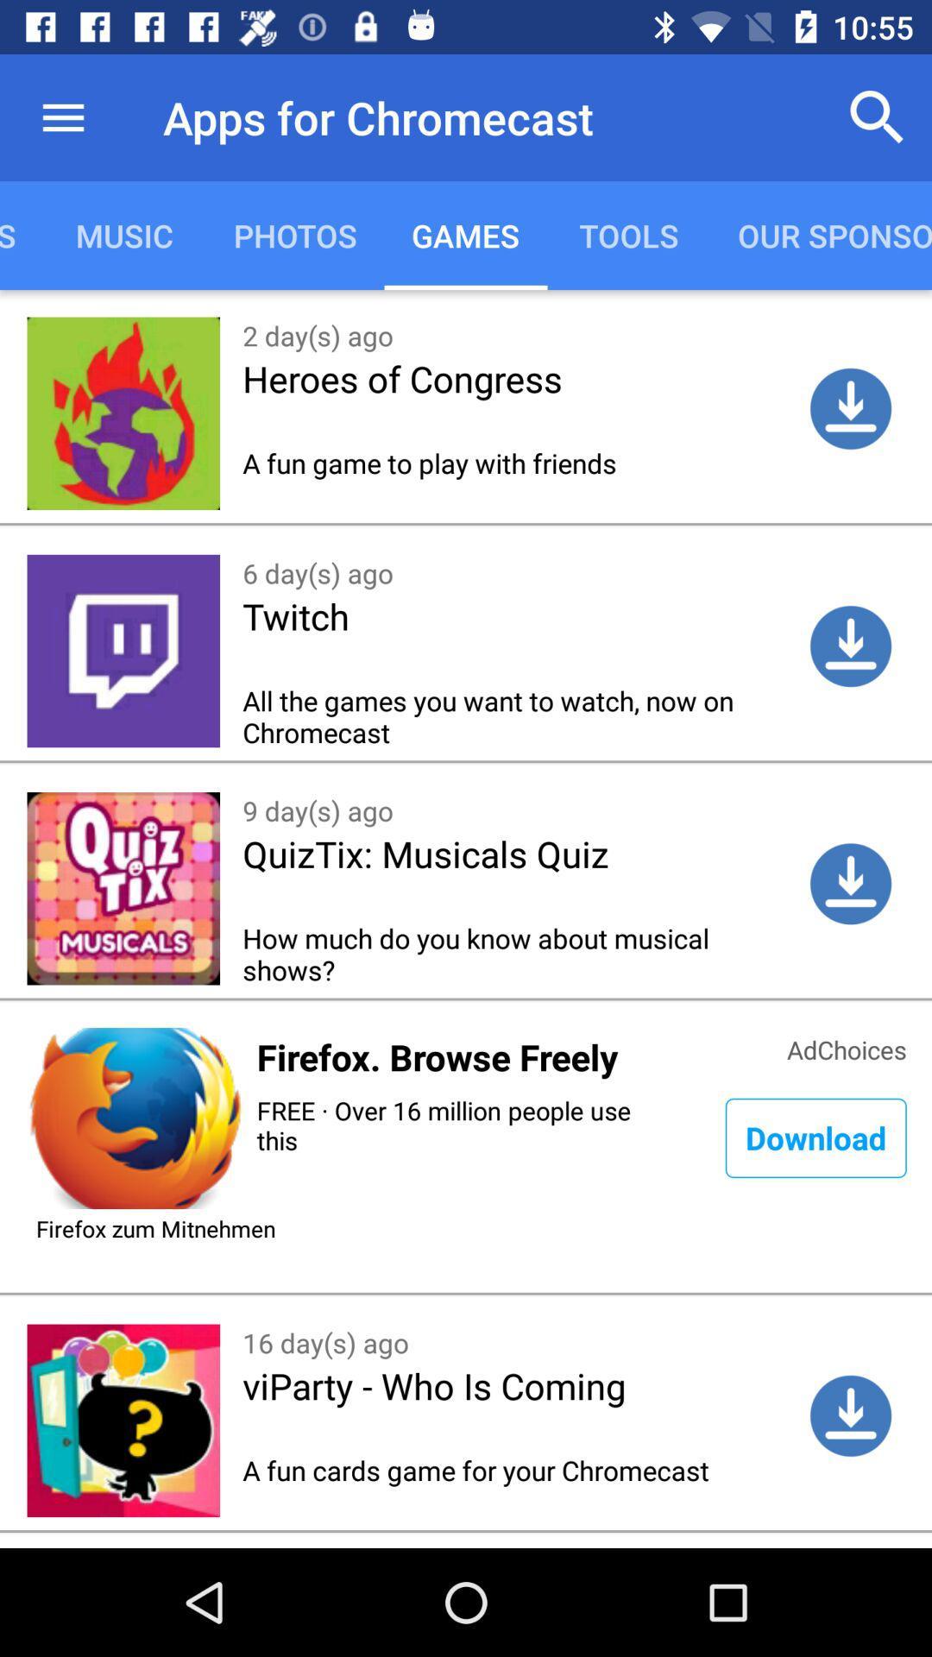 The width and height of the screenshot is (932, 1657). What do you see at coordinates (878, 117) in the screenshot?
I see `item next to the apps for chromecast` at bounding box center [878, 117].